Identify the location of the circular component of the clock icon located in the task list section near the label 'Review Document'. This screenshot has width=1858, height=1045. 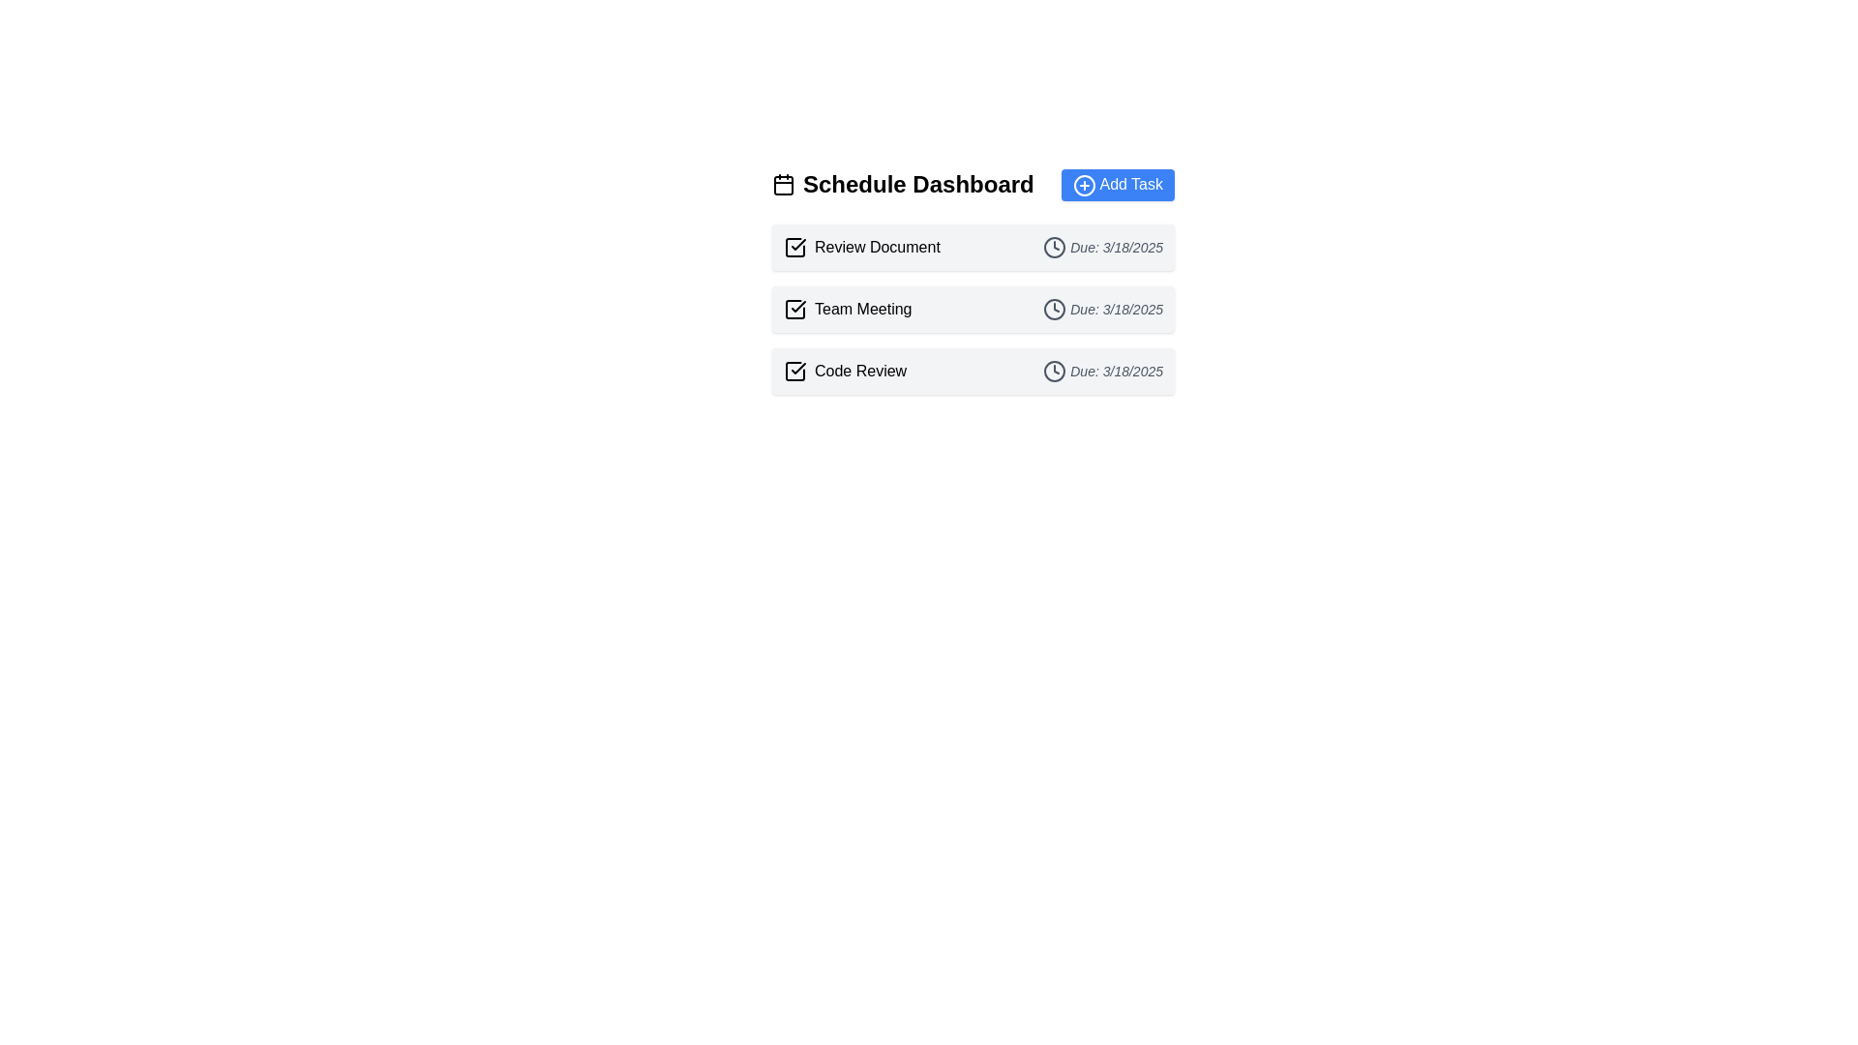
(1054, 246).